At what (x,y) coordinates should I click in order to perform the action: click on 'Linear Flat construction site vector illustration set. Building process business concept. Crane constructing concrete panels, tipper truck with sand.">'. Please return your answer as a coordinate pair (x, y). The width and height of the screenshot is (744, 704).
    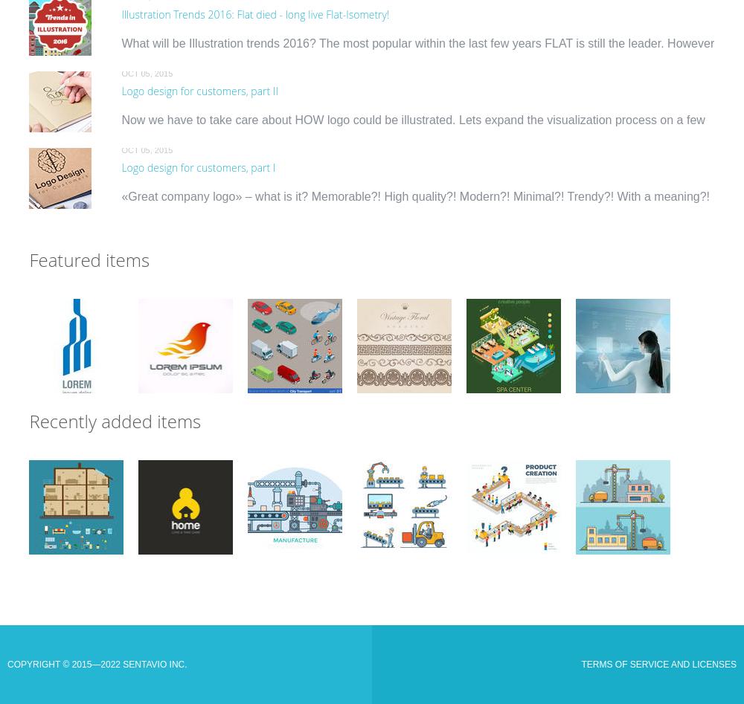
    Looking at the image, I should click on (576, 525).